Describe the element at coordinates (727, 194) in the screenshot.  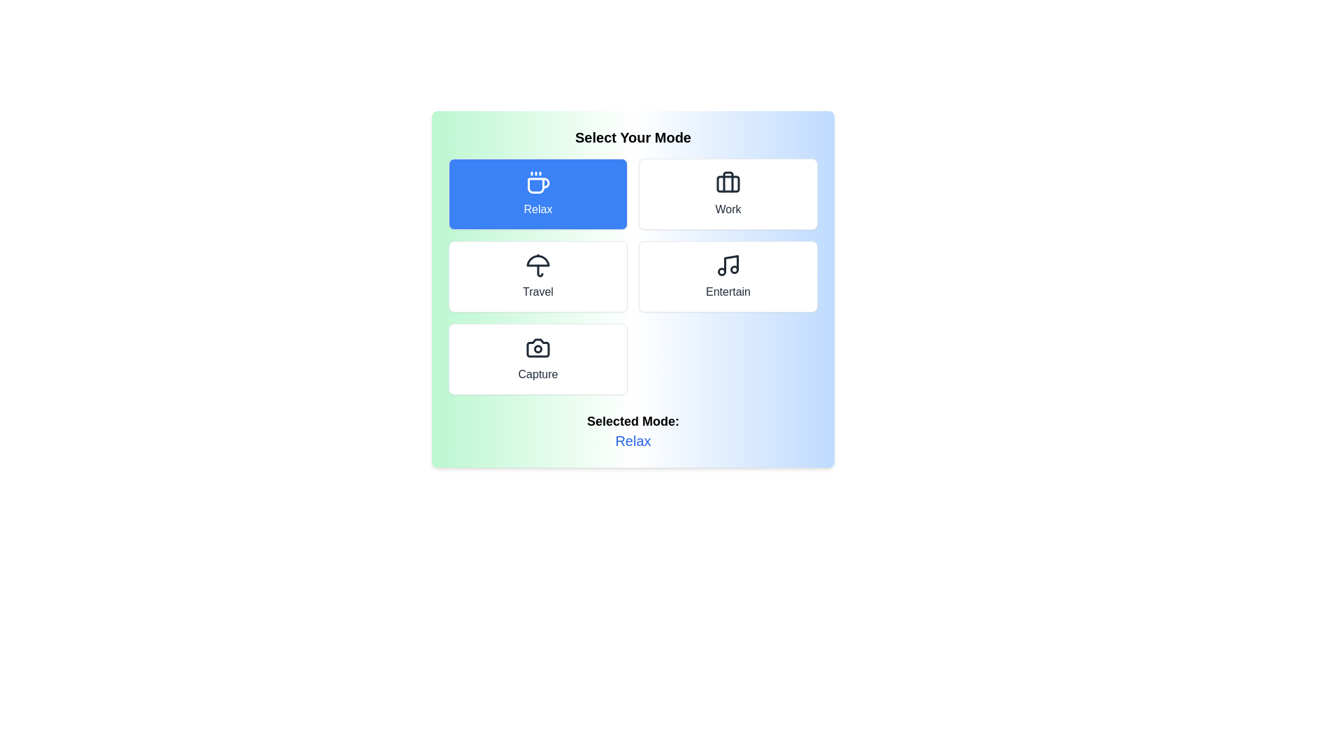
I see `the mode button corresponding to Work` at that location.